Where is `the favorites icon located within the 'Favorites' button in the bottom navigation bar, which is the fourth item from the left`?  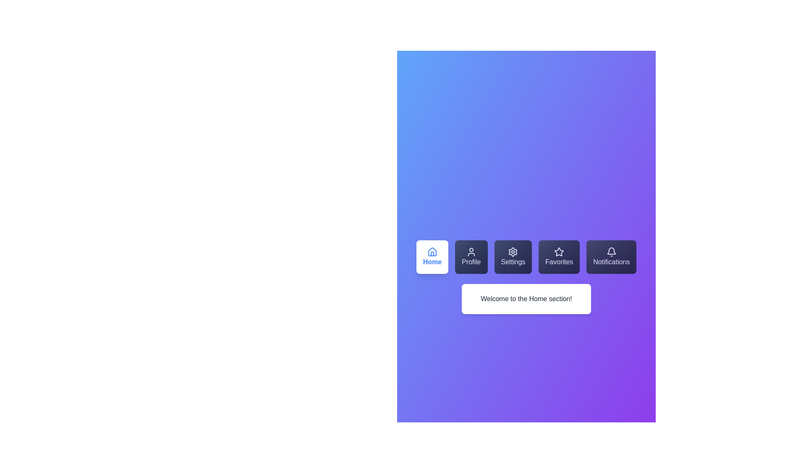 the favorites icon located within the 'Favorites' button in the bottom navigation bar, which is the fourth item from the left is located at coordinates (559, 252).